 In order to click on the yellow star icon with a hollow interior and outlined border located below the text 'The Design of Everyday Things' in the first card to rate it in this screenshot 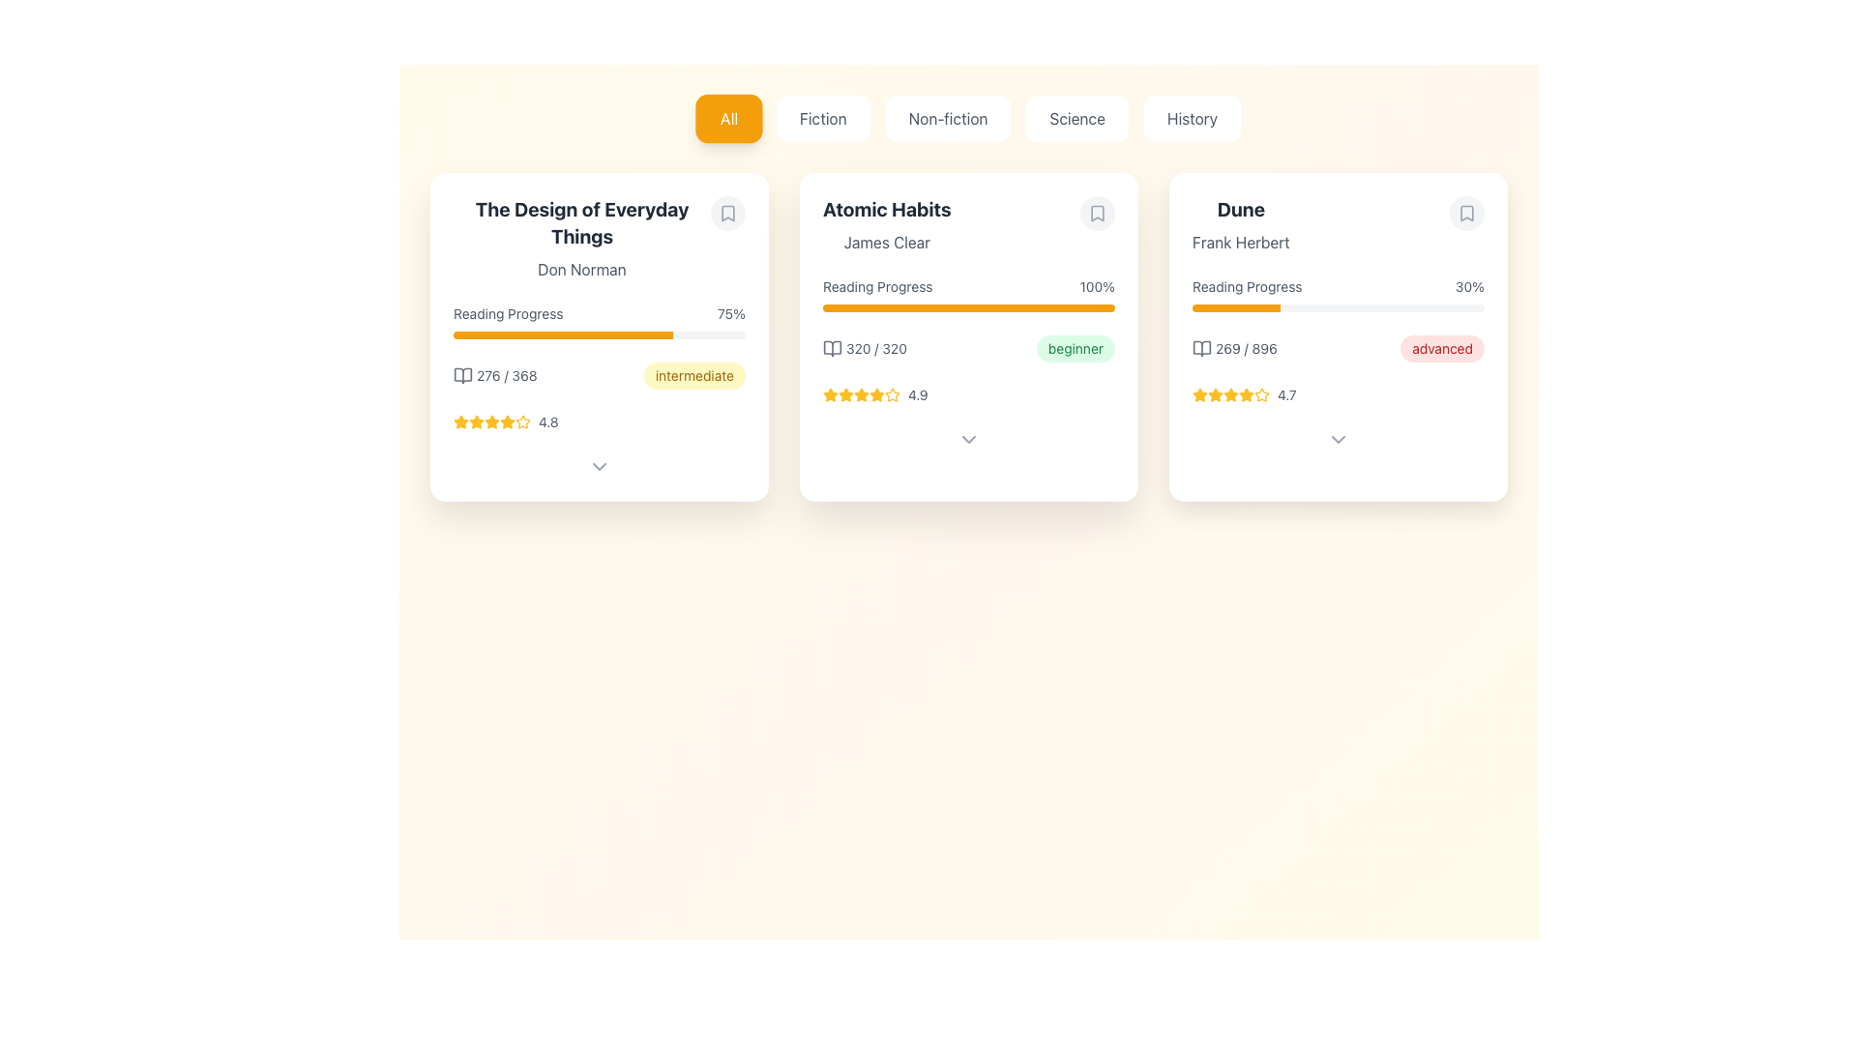, I will do `click(523, 420)`.